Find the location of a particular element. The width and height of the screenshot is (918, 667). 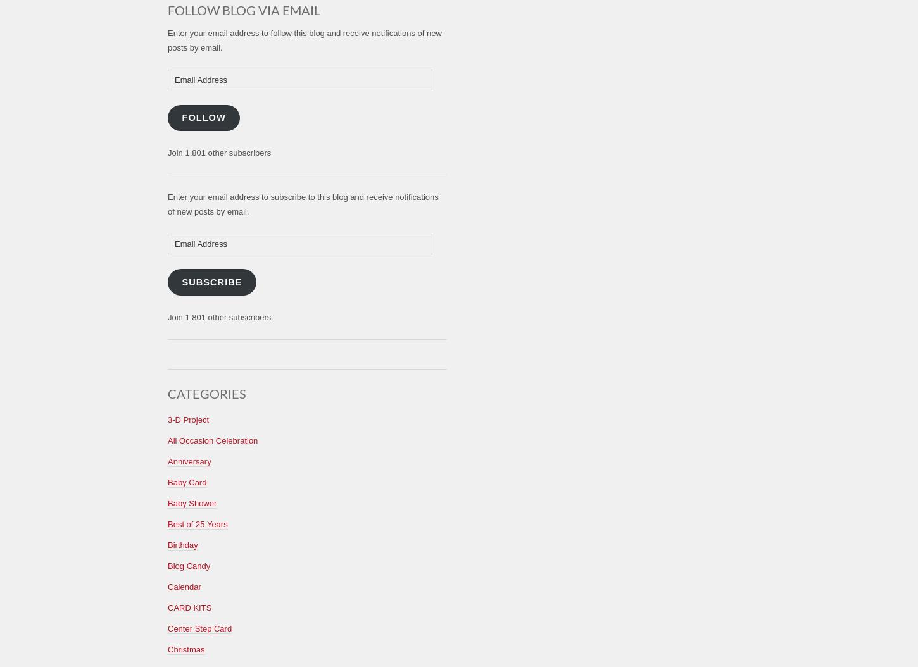

'CARD KITS' is located at coordinates (189, 607).